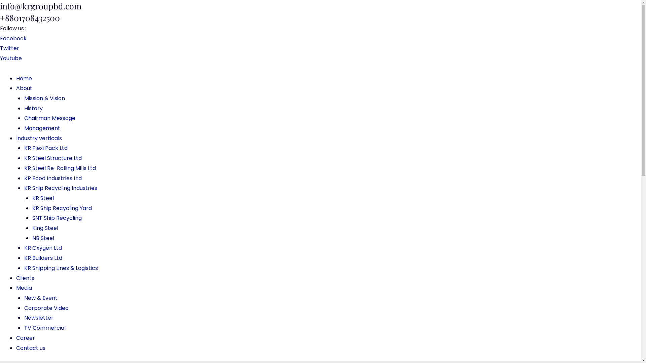 Image resolution: width=646 pixels, height=363 pixels. What do you see at coordinates (25, 278) in the screenshot?
I see `'Clients'` at bounding box center [25, 278].